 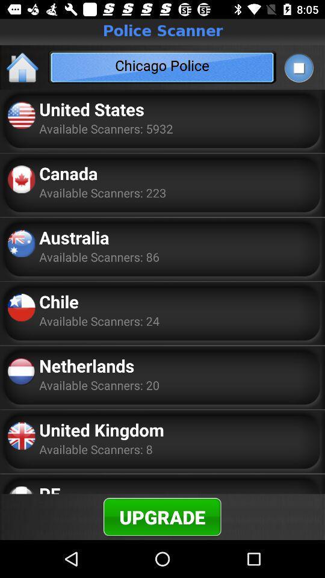 What do you see at coordinates (298, 67) in the screenshot?
I see `the icon at the top right corner` at bounding box center [298, 67].